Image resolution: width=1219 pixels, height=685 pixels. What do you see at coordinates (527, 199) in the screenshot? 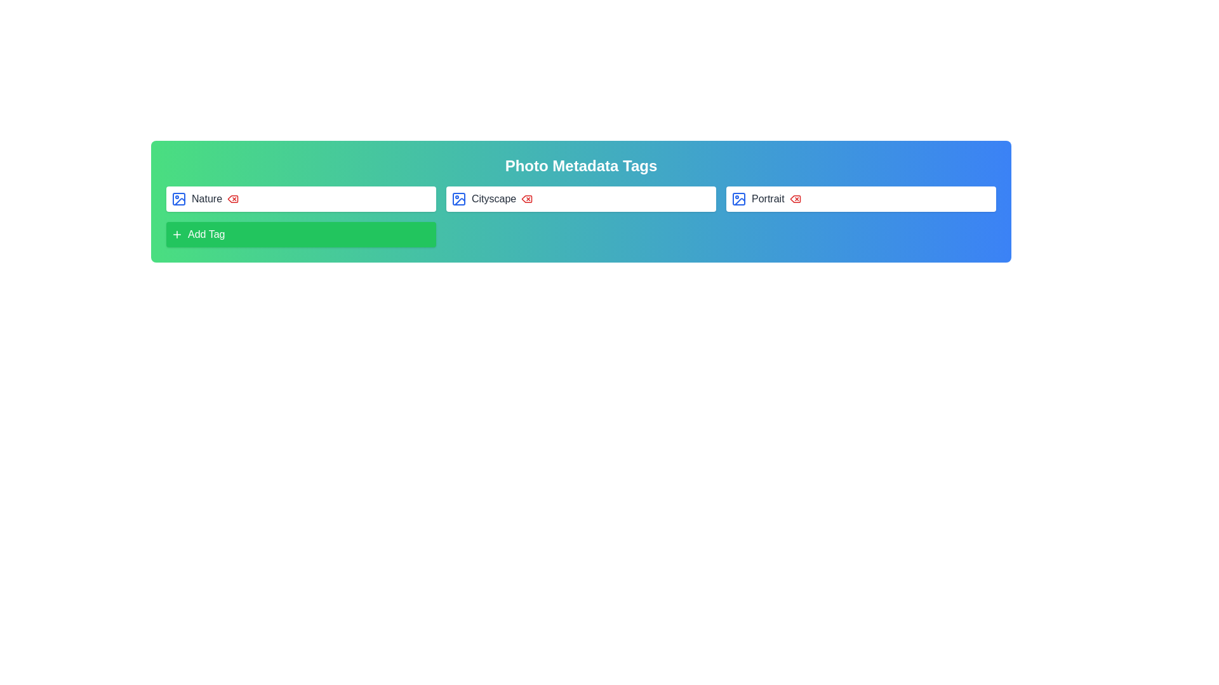
I see `the red trash/delete icon located to the right of the 'Cityscape' text for accessibility interactions` at bounding box center [527, 199].